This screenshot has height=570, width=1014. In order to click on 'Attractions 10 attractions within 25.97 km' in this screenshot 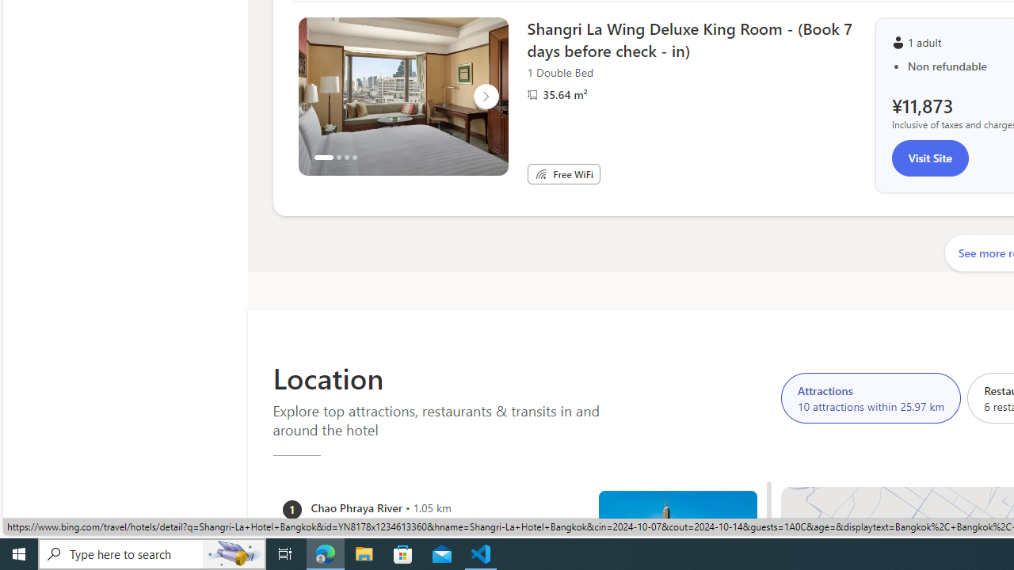, I will do `click(870, 397)`.